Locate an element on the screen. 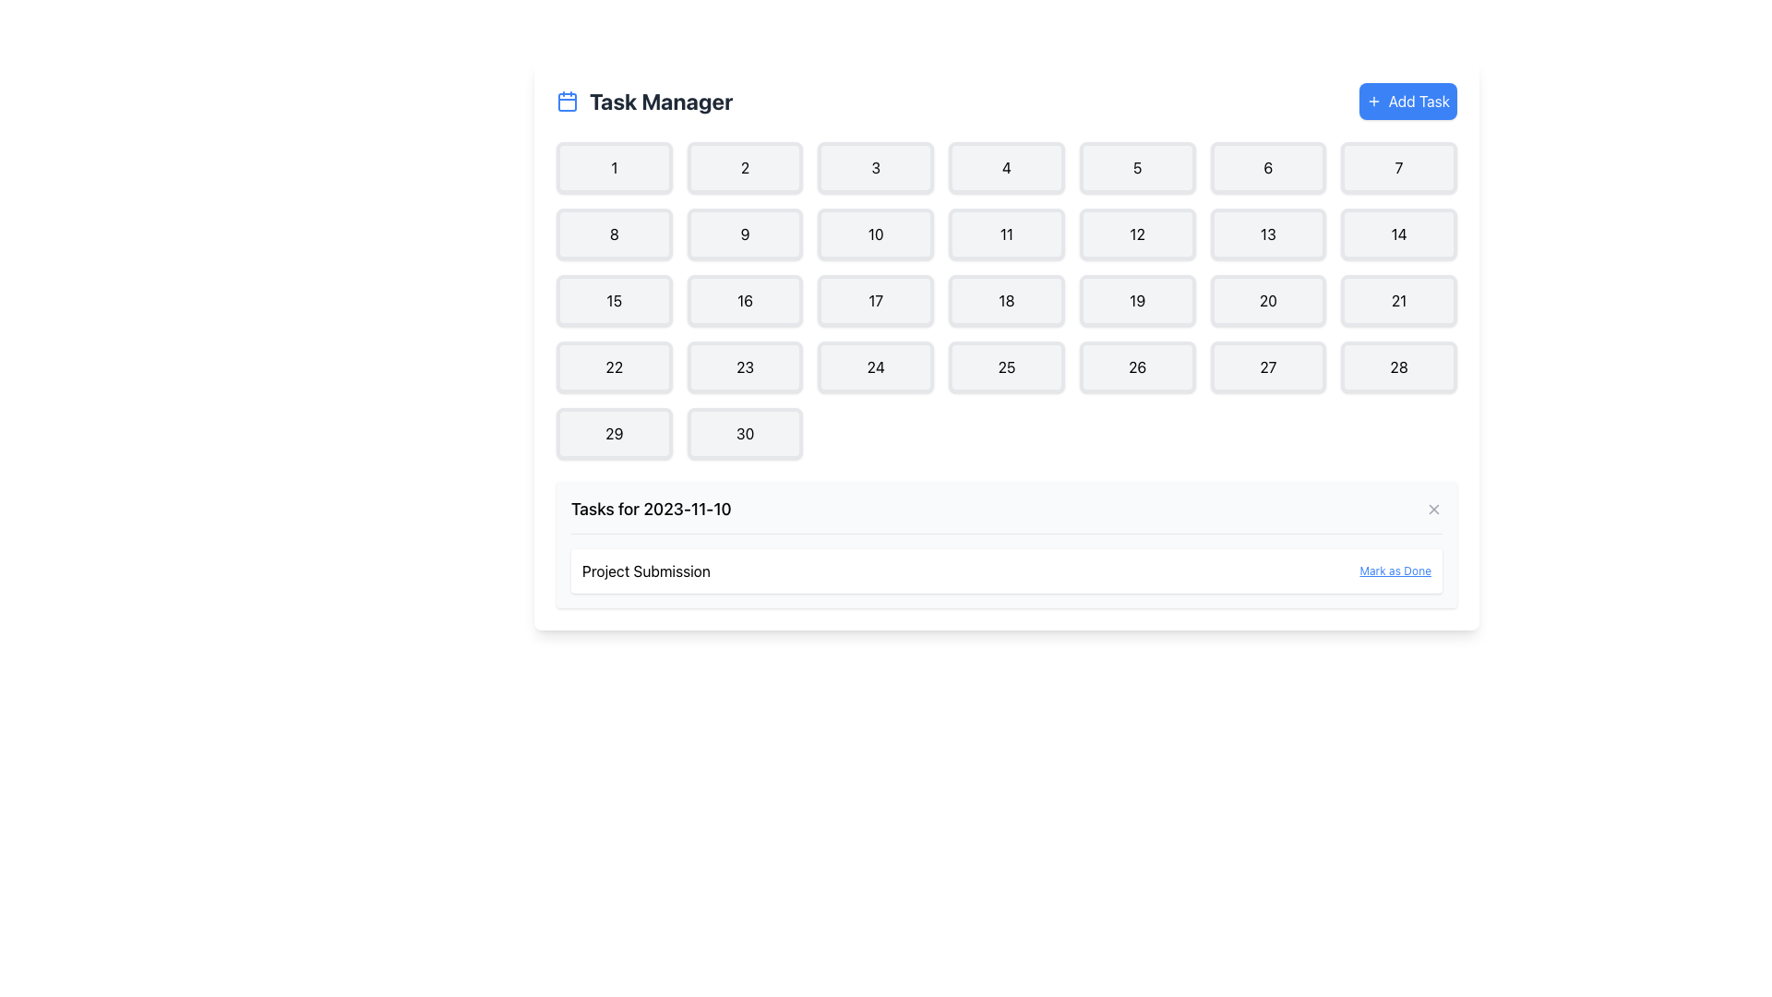 Image resolution: width=1772 pixels, height=997 pixels. the button representing the selectable option for day '4' in the calendar interface is located at coordinates (1005, 167).